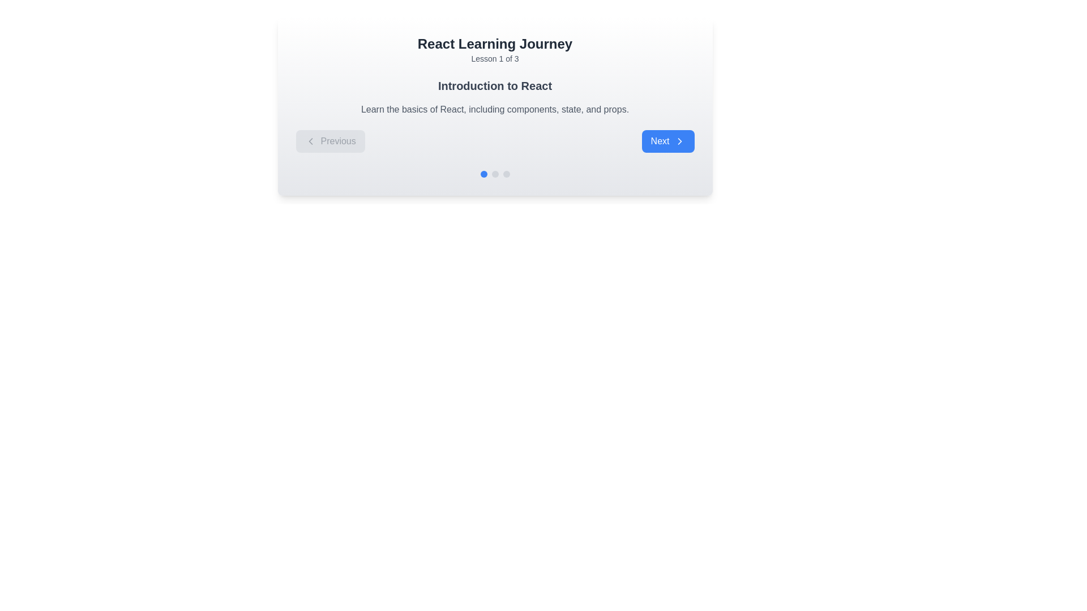  What do you see at coordinates (329, 141) in the screenshot?
I see `the 'Previous' button, which is a rectangular button with a gray background, rounded edges, and a left-facing chevron icon` at bounding box center [329, 141].